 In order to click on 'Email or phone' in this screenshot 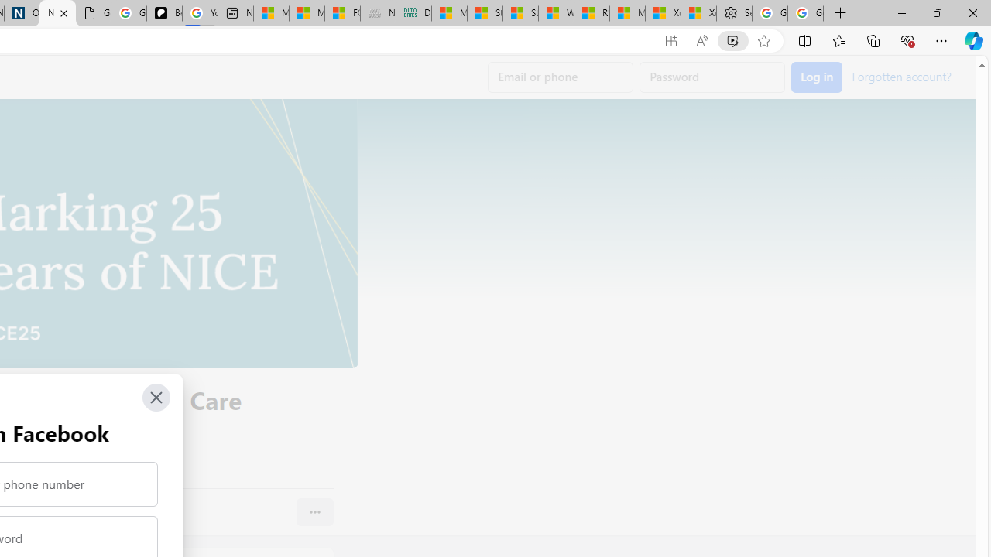, I will do `click(560, 77)`.